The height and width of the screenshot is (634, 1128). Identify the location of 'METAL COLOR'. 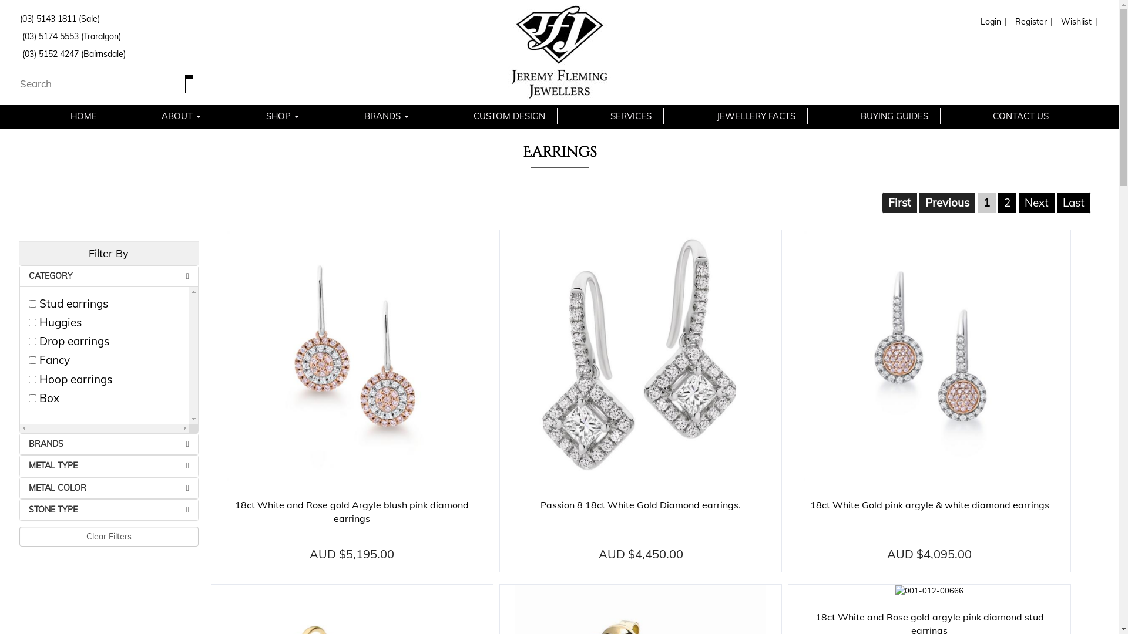
(109, 488).